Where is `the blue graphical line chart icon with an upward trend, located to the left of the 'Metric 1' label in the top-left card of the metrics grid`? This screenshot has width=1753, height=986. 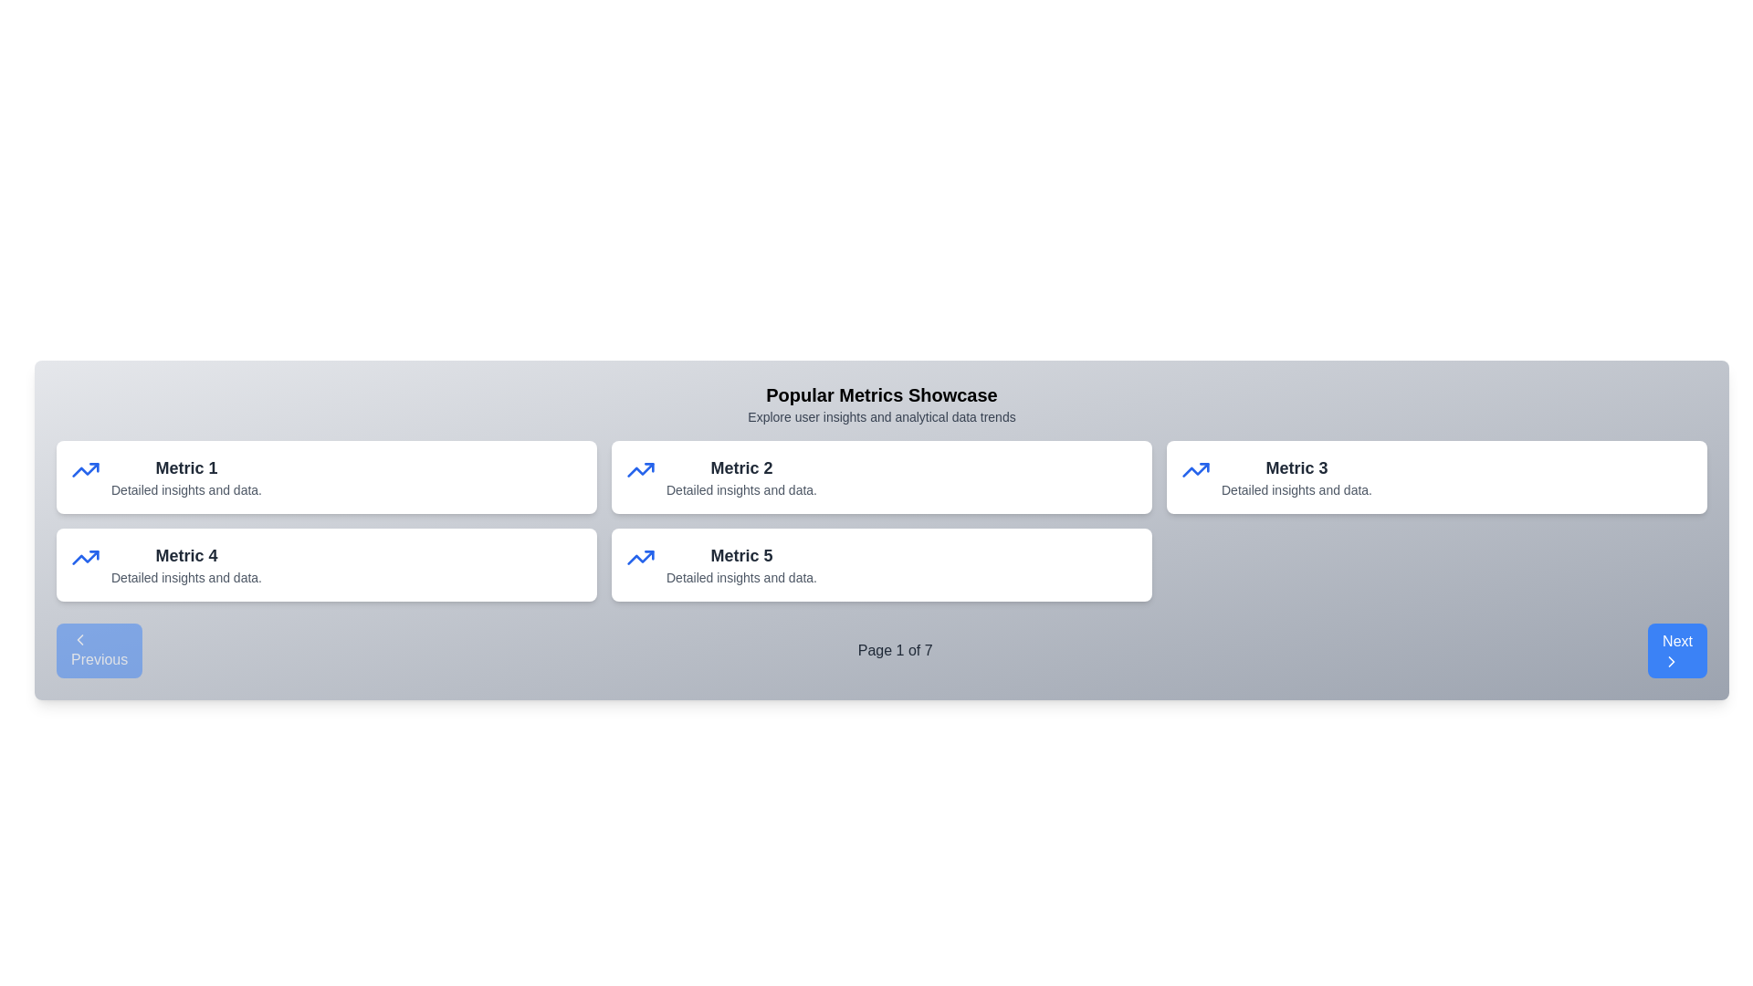 the blue graphical line chart icon with an upward trend, located to the left of the 'Metric 1' label in the top-left card of the metrics grid is located at coordinates (85, 556).